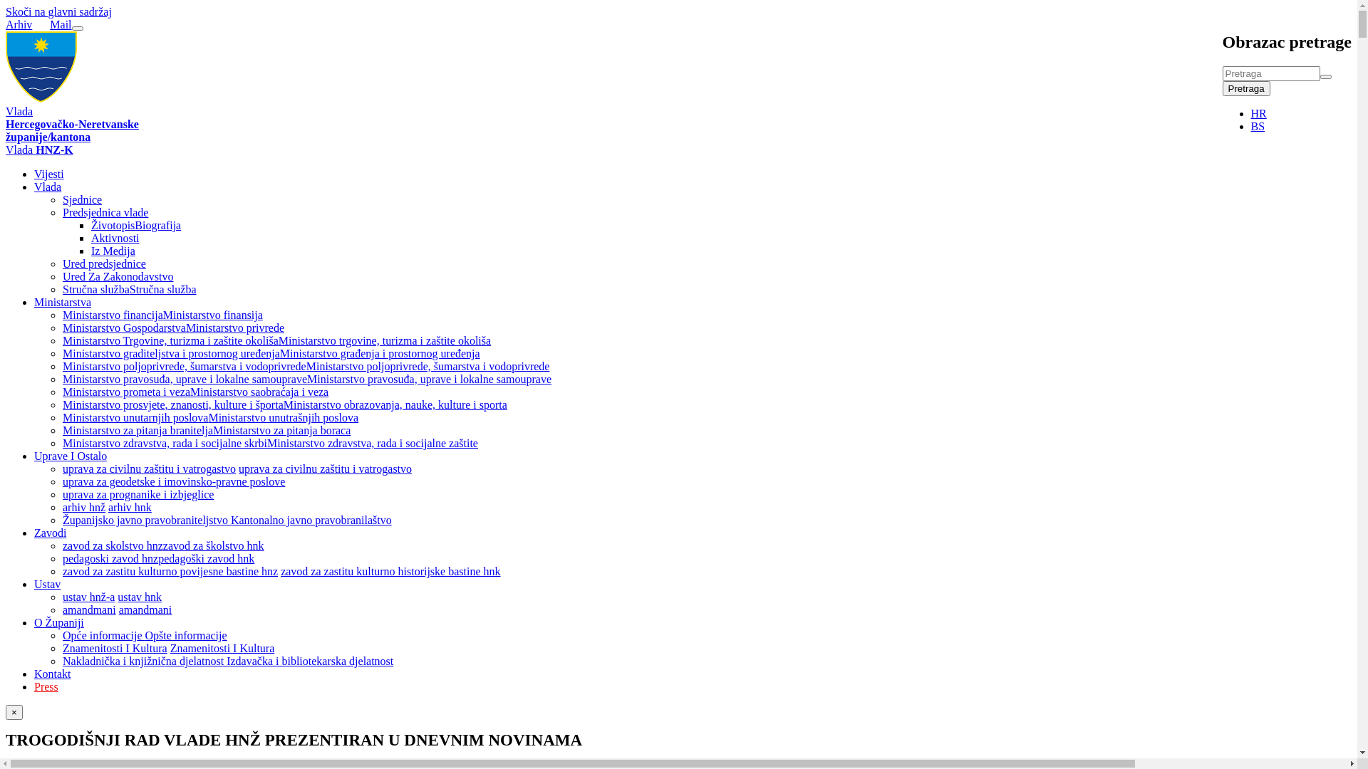 Image resolution: width=1368 pixels, height=769 pixels. I want to click on 'BS', so click(1258, 125).